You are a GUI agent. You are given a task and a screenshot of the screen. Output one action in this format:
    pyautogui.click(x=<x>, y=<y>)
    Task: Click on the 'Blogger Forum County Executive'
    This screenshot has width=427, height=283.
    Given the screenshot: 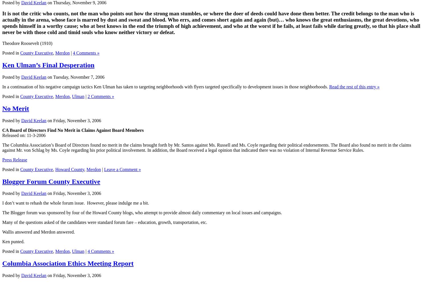 What is the action you would take?
    pyautogui.click(x=51, y=181)
    